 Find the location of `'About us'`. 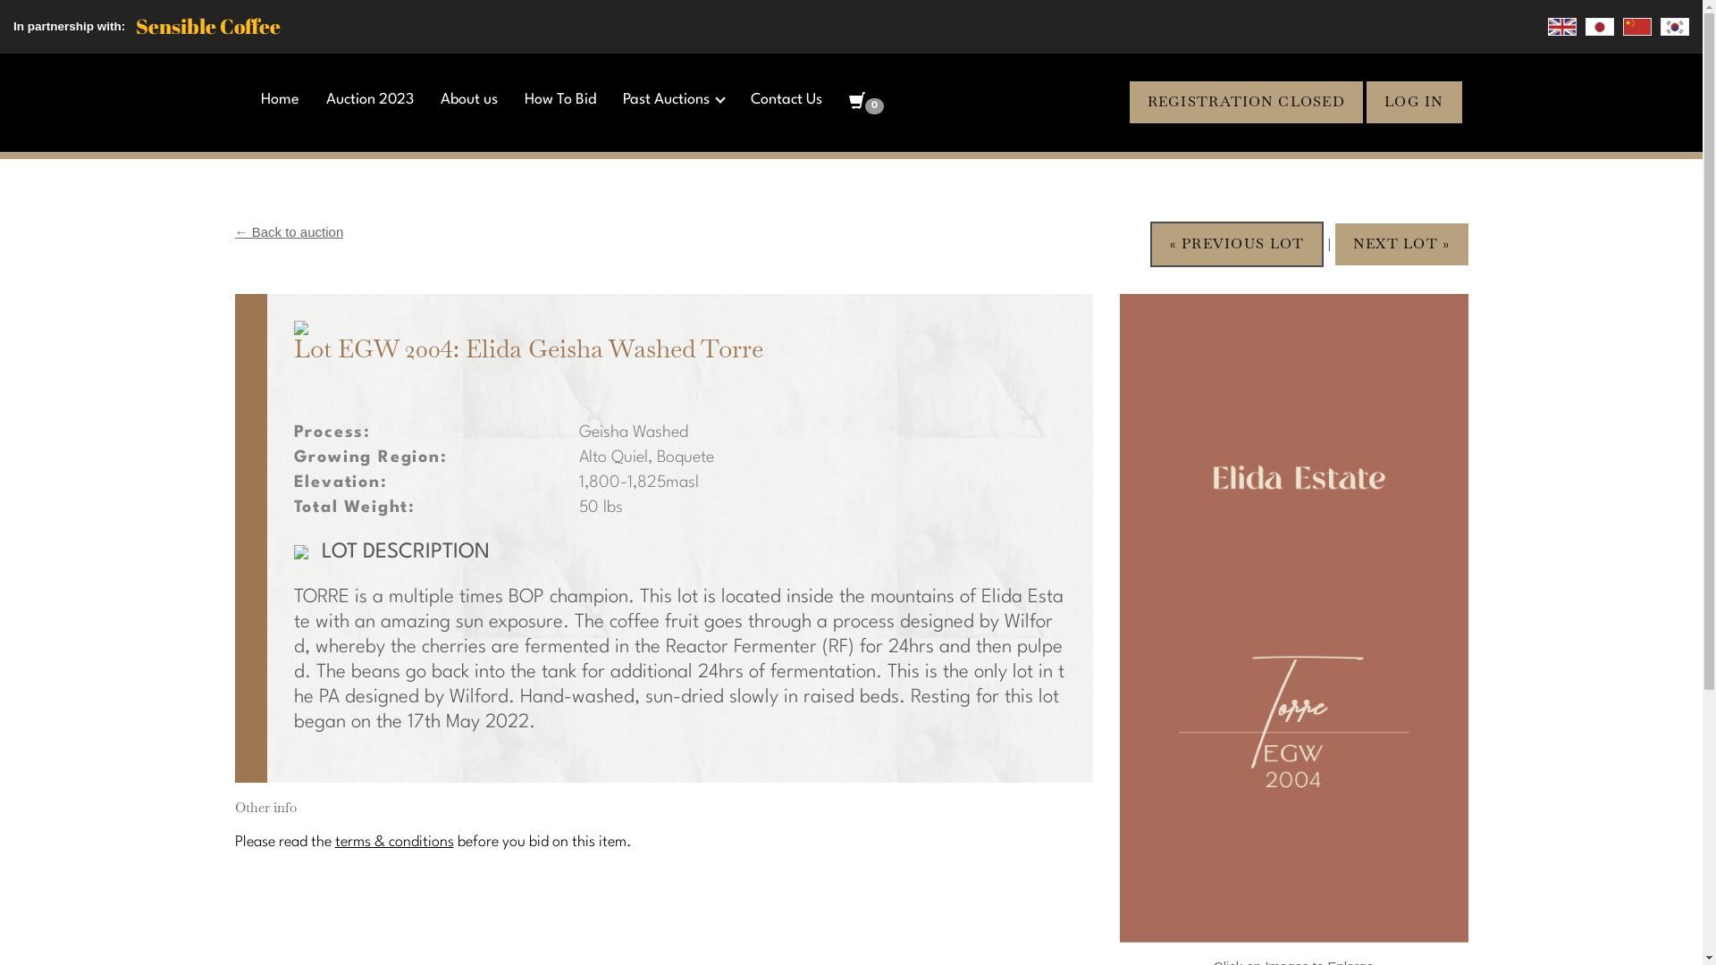

'About us' is located at coordinates (441, 99).